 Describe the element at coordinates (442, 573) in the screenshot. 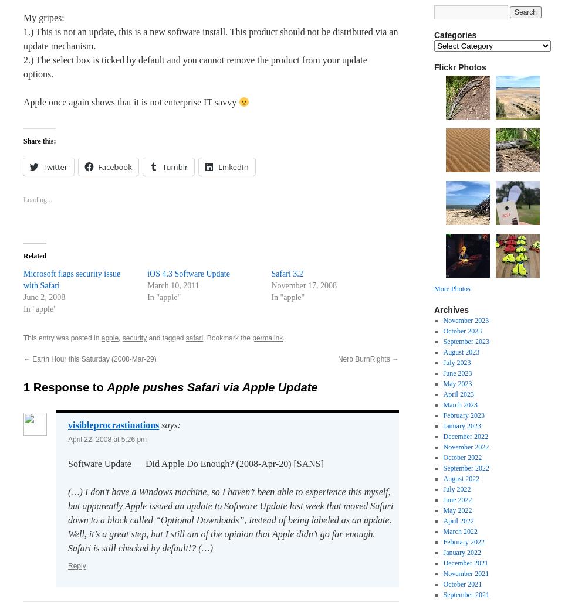

I see `'November 2021'` at that location.